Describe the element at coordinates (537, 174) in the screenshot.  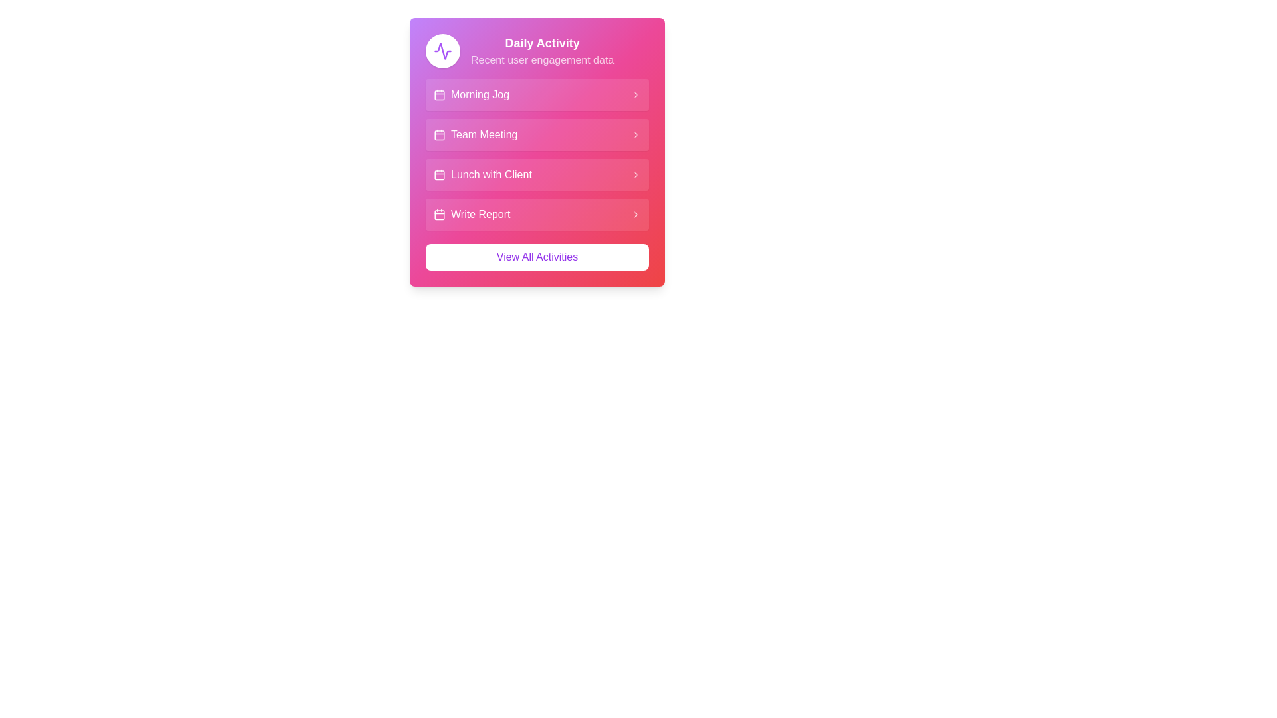
I see `the third item in the 'Daily Activity' list, which represents the 'Lunch with Client' event` at that location.